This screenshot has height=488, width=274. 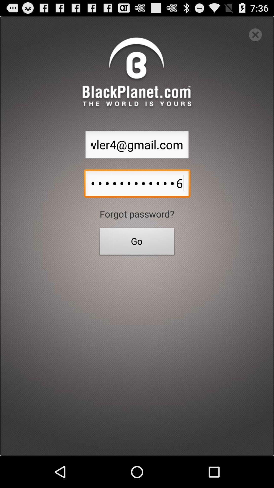 What do you see at coordinates (255, 37) in the screenshot?
I see `the close icon` at bounding box center [255, 37].